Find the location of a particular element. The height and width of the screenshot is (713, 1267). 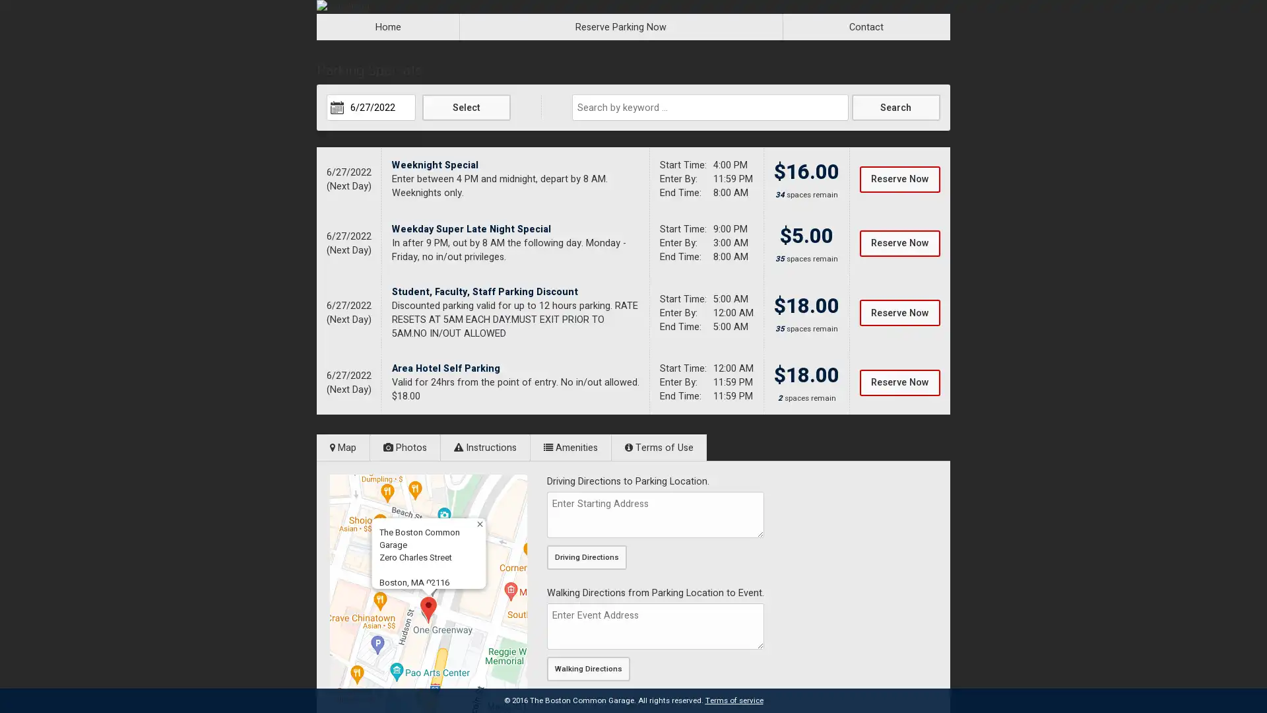

Walking Directions is located at coordinates (588, 669).